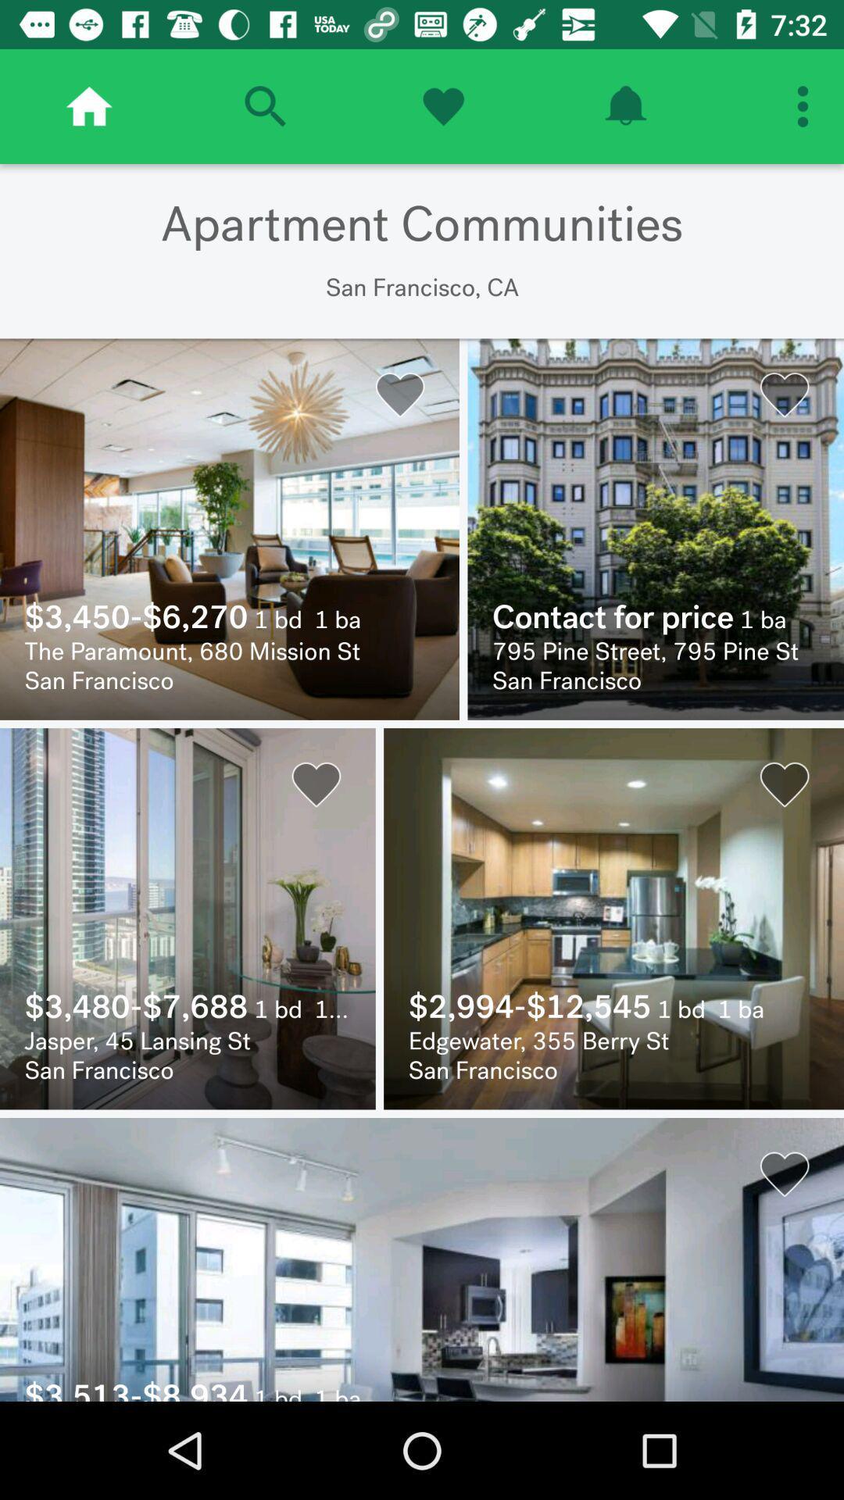 This screenshot has height=1500, width=844. What do you see at coordinates (624, 105) in the screenshot?
I see `subscribe` at bounding box center [624, 105].